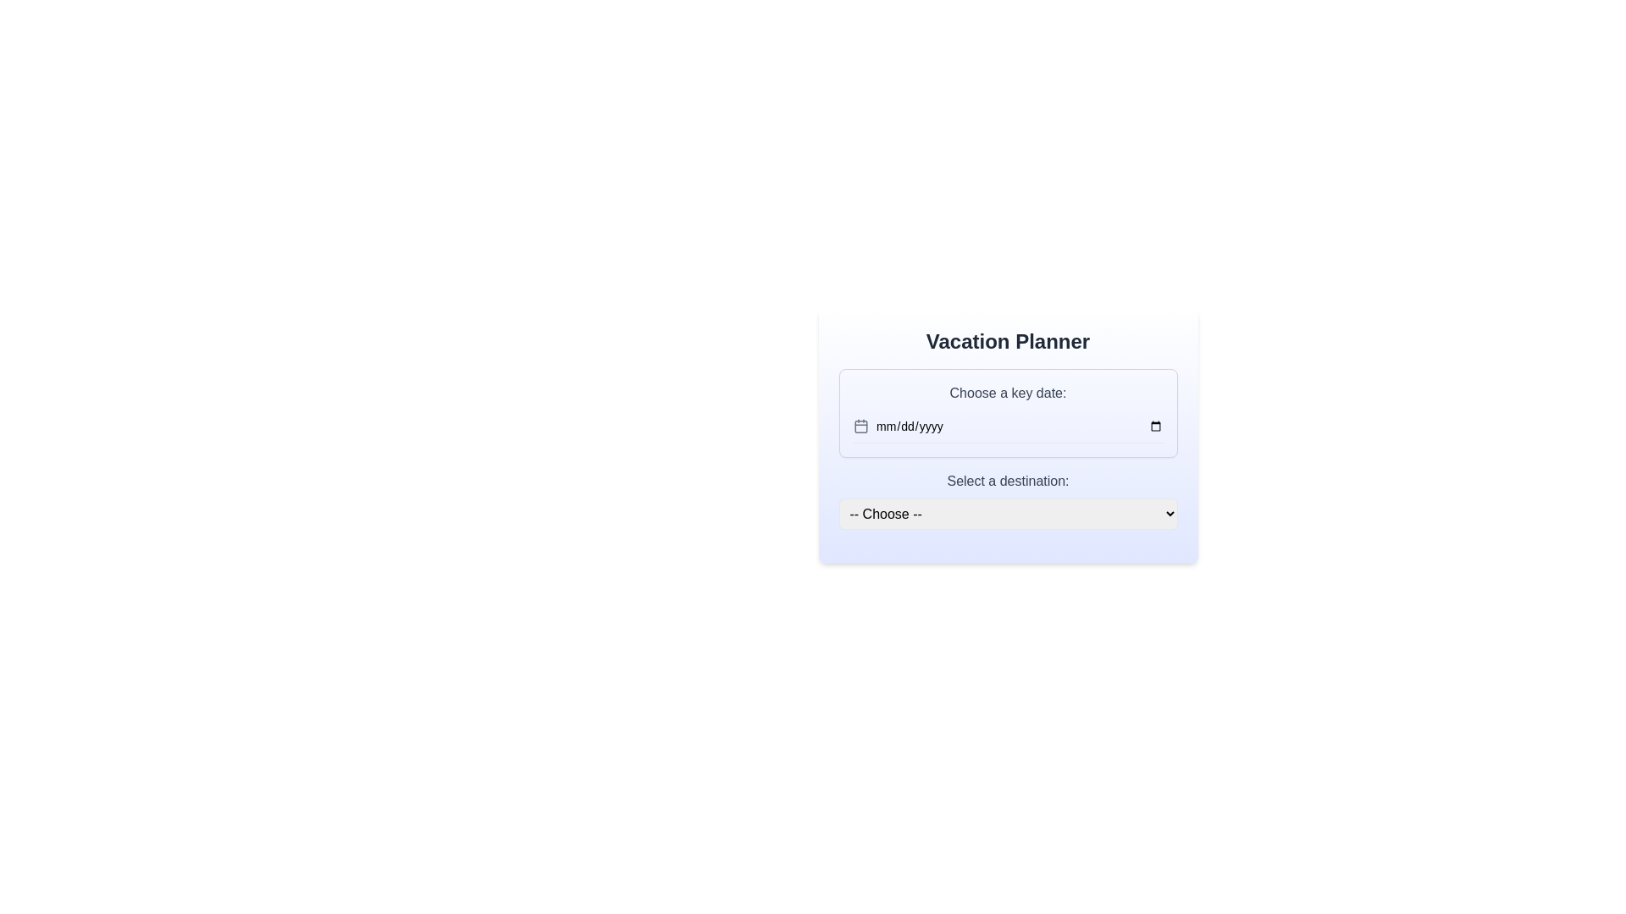 The image size is (1626, 914). What do you see at coordinates (1008, 394) in the screenshot?
I see `the text label displaying 'Choose a key date:' located at the top-right of the date selection field` at bounding box center [1008, 394].